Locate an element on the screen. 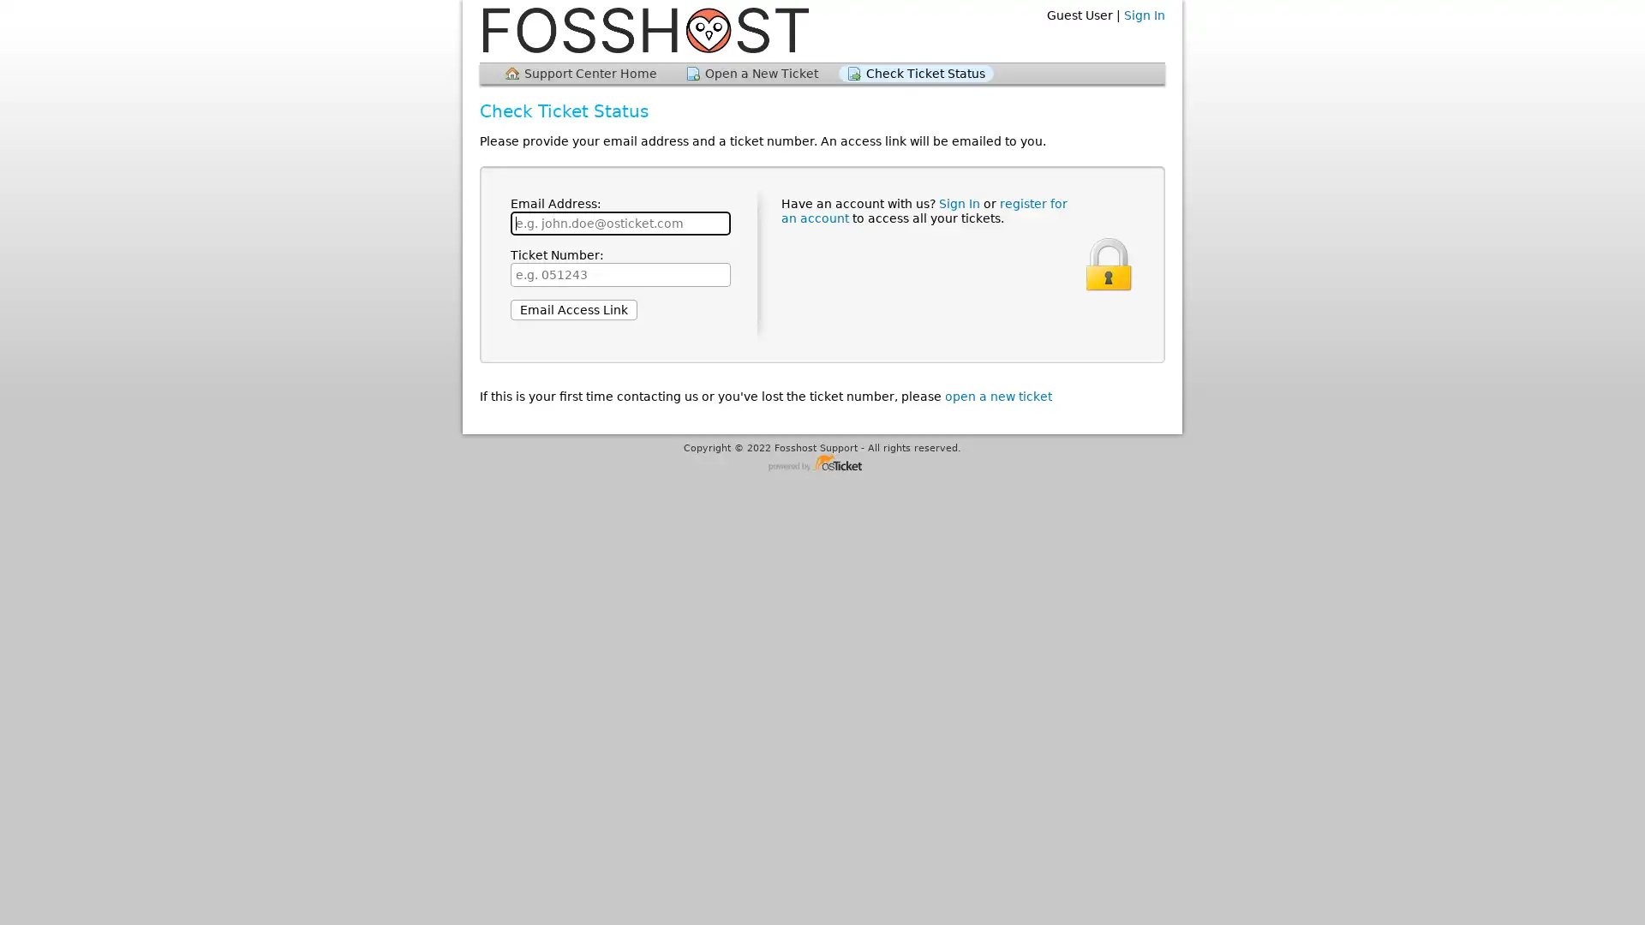 This screenshot has height=925, width=1645. Email Access Link is located at coordinates (574, 310).